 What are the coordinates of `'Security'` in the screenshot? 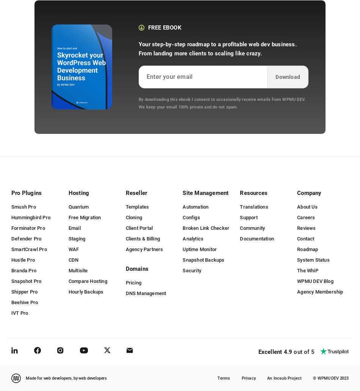 It's located at (192, 270).